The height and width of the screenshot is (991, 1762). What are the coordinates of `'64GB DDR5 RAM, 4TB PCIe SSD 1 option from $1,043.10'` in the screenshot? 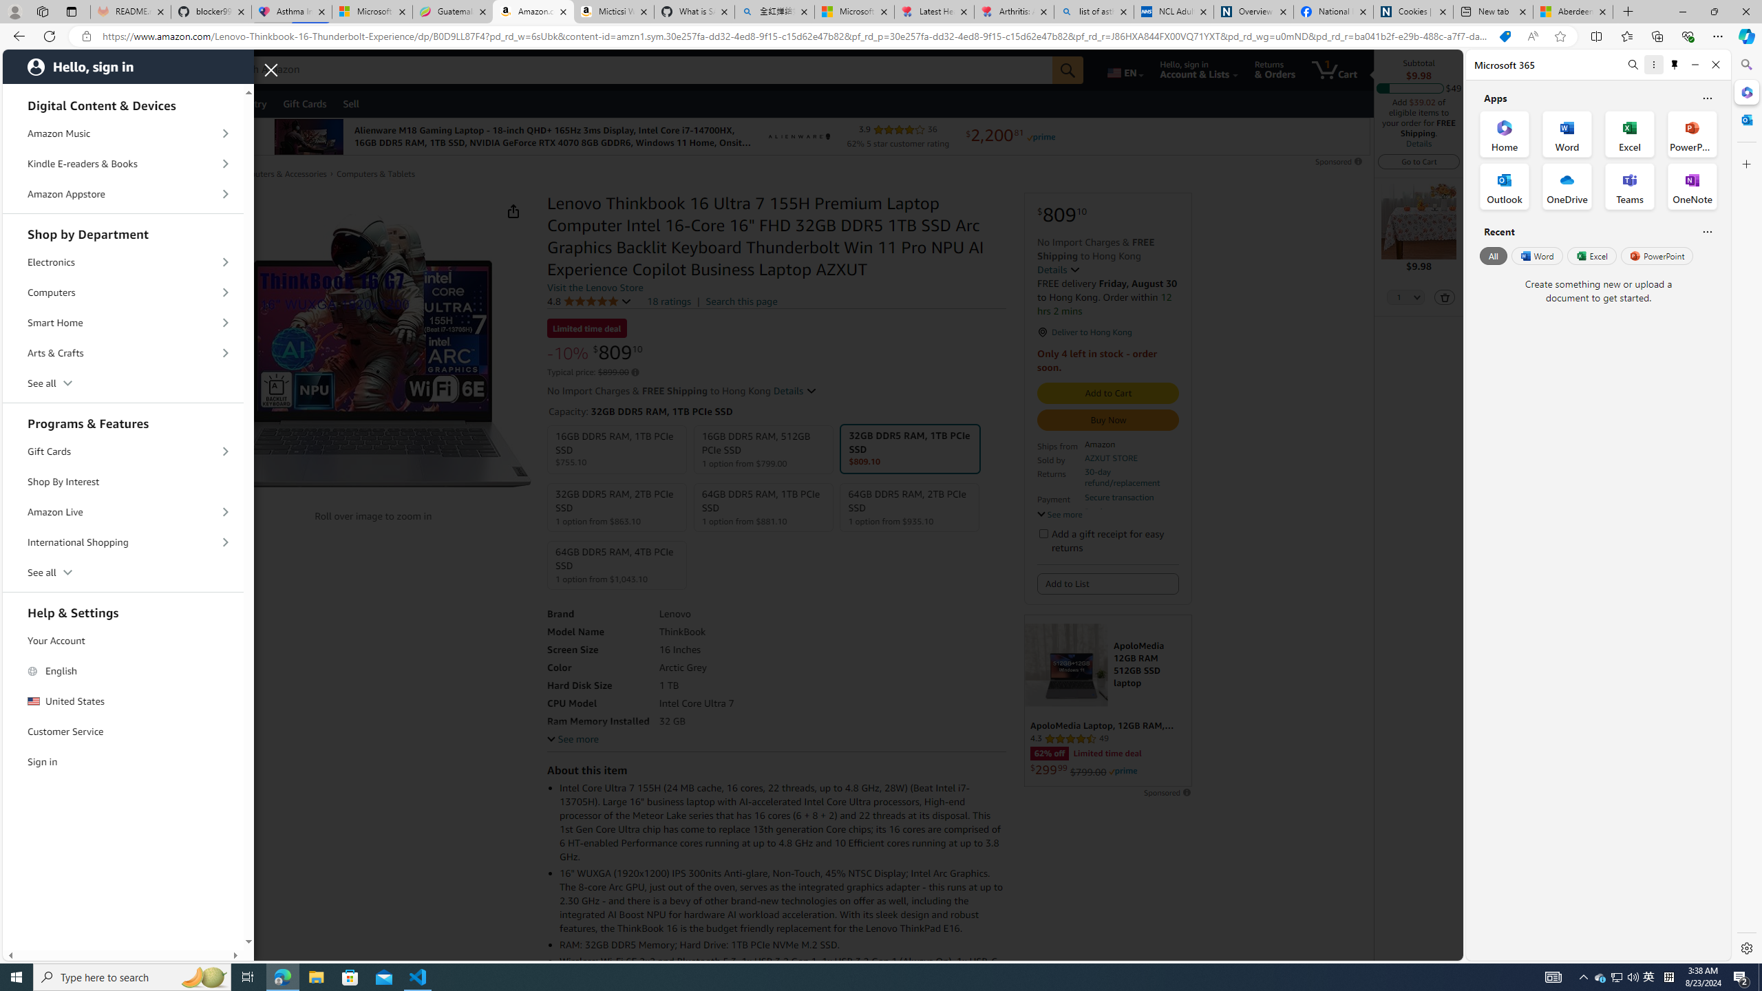 It's located at (617, 564).